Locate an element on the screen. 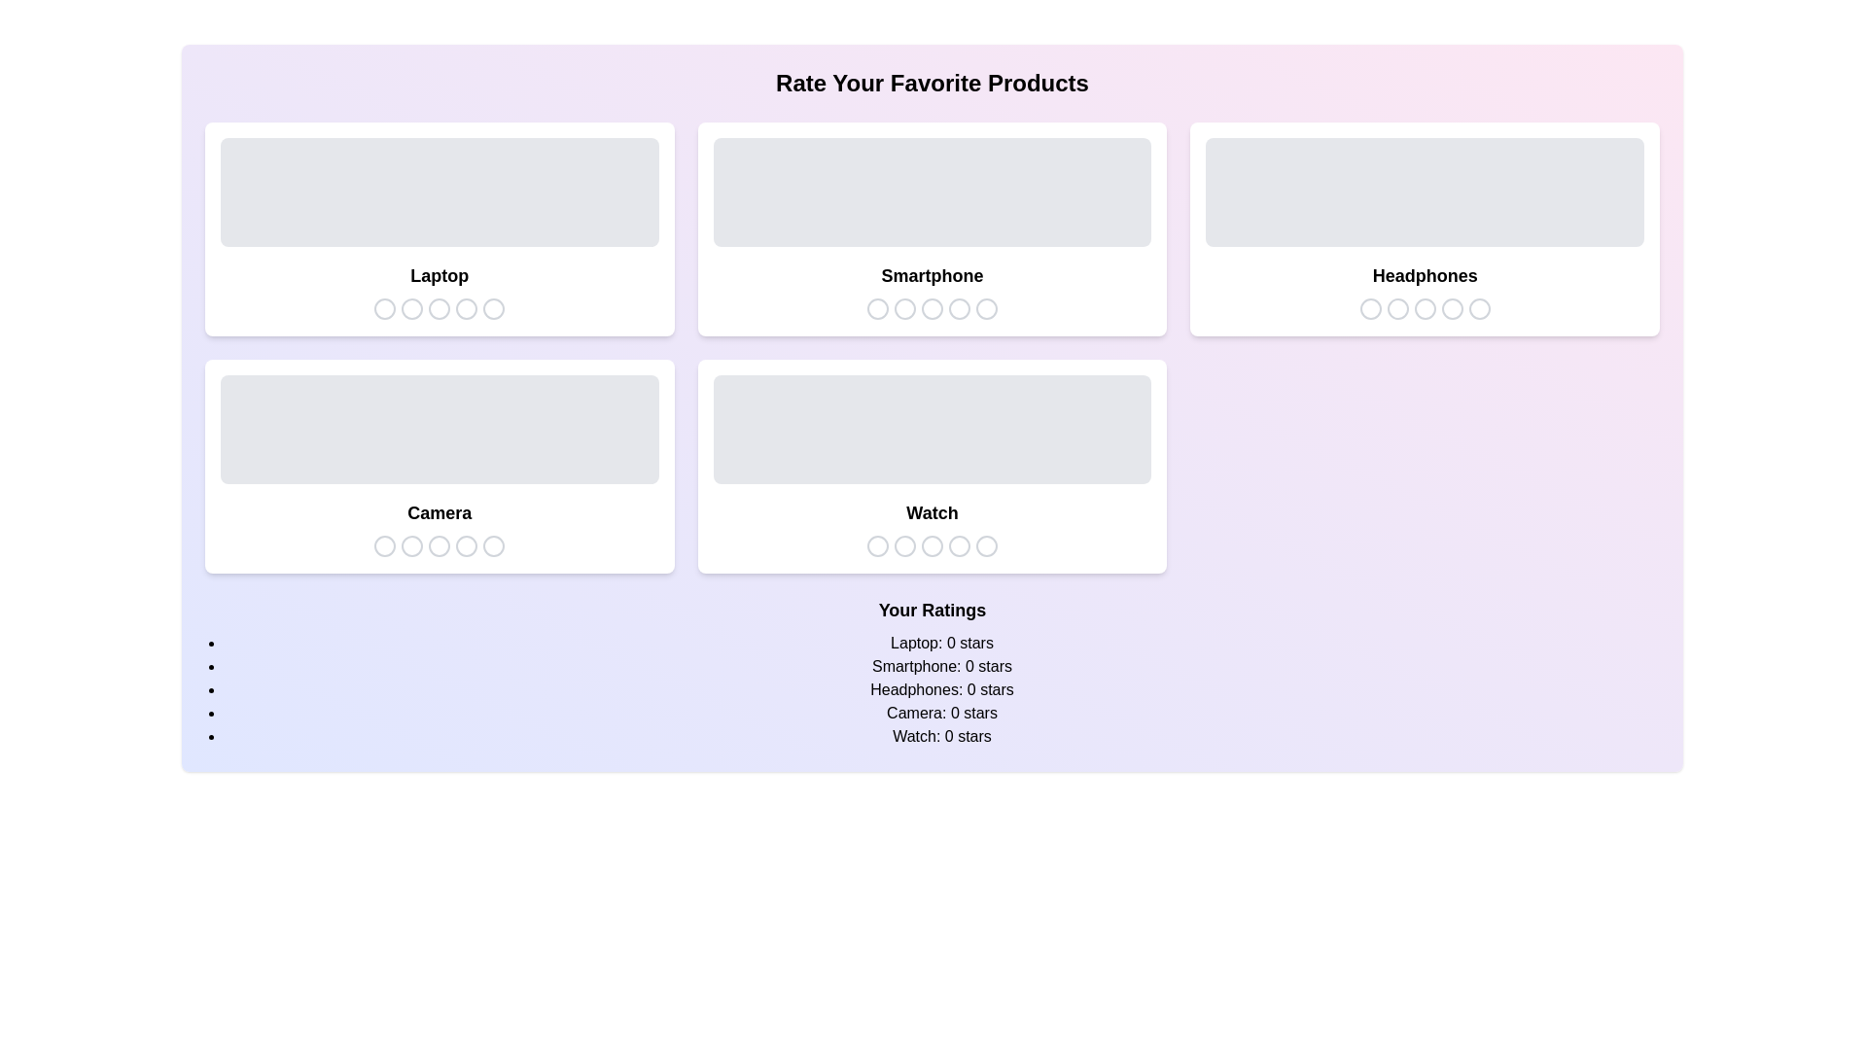 The width and height of the screenshot is (1867, 1050). the star icon to set the rating for the selected product category to 2 stars is located at coordinates (411, 307).